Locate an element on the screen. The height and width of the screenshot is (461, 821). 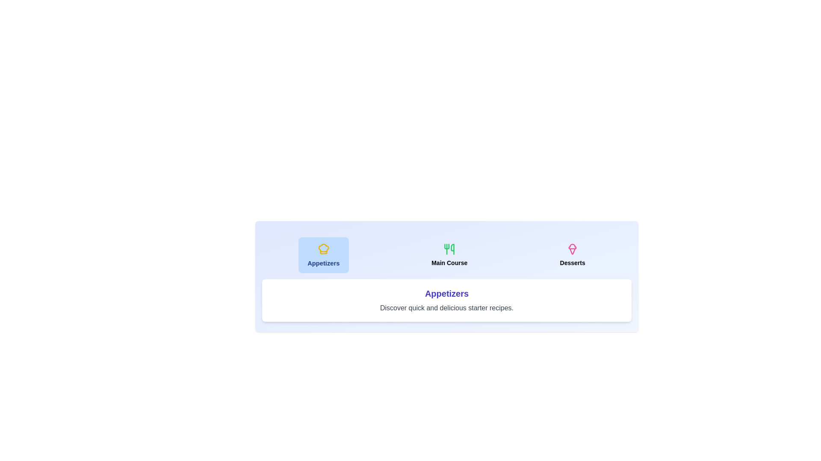
the tab labeled Main Course to display its associated category is located at coordinates (449, 254).